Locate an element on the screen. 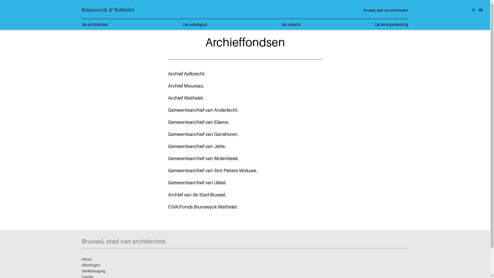  'Brussel, stad van architecten' is located at coordinates (81, 241).